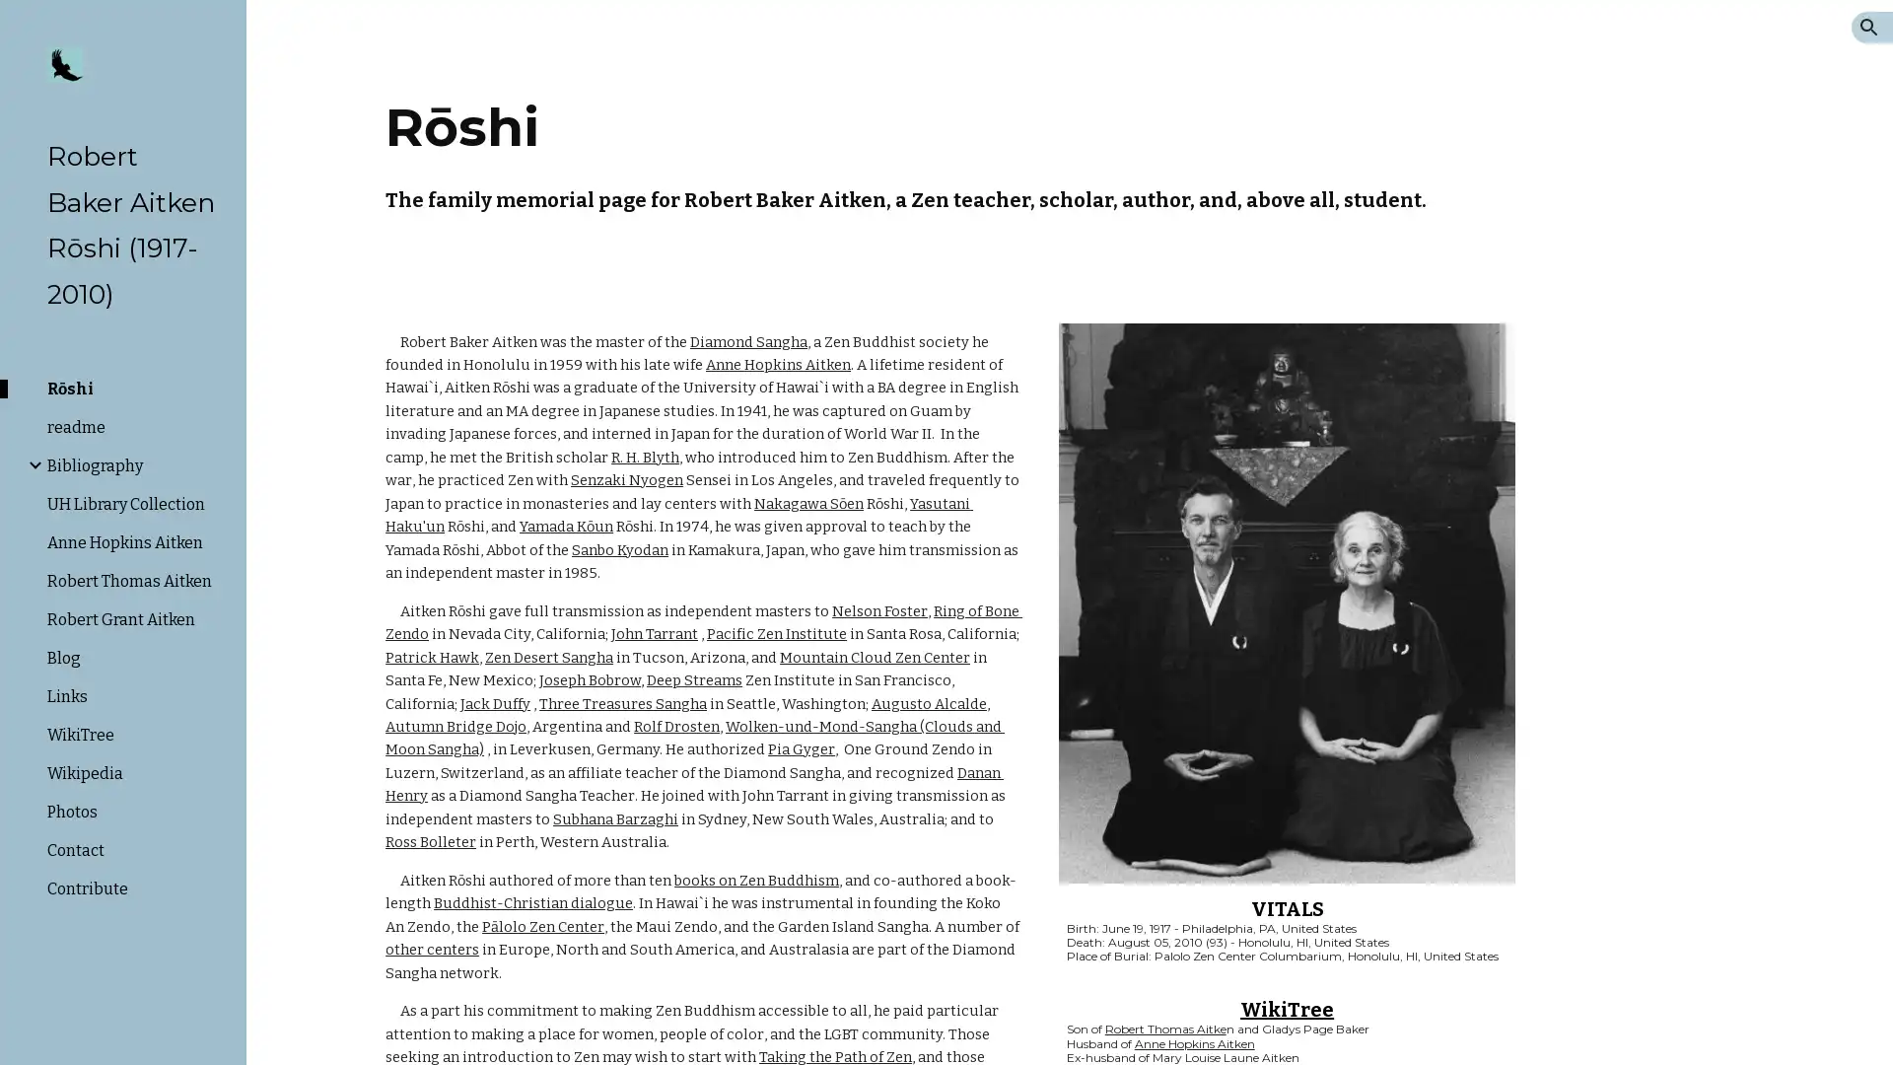 The image size is (1893, 1065). Describe the element at coordinates (1468, 908) in the screenshot. I see `Copy heading link` at that location.